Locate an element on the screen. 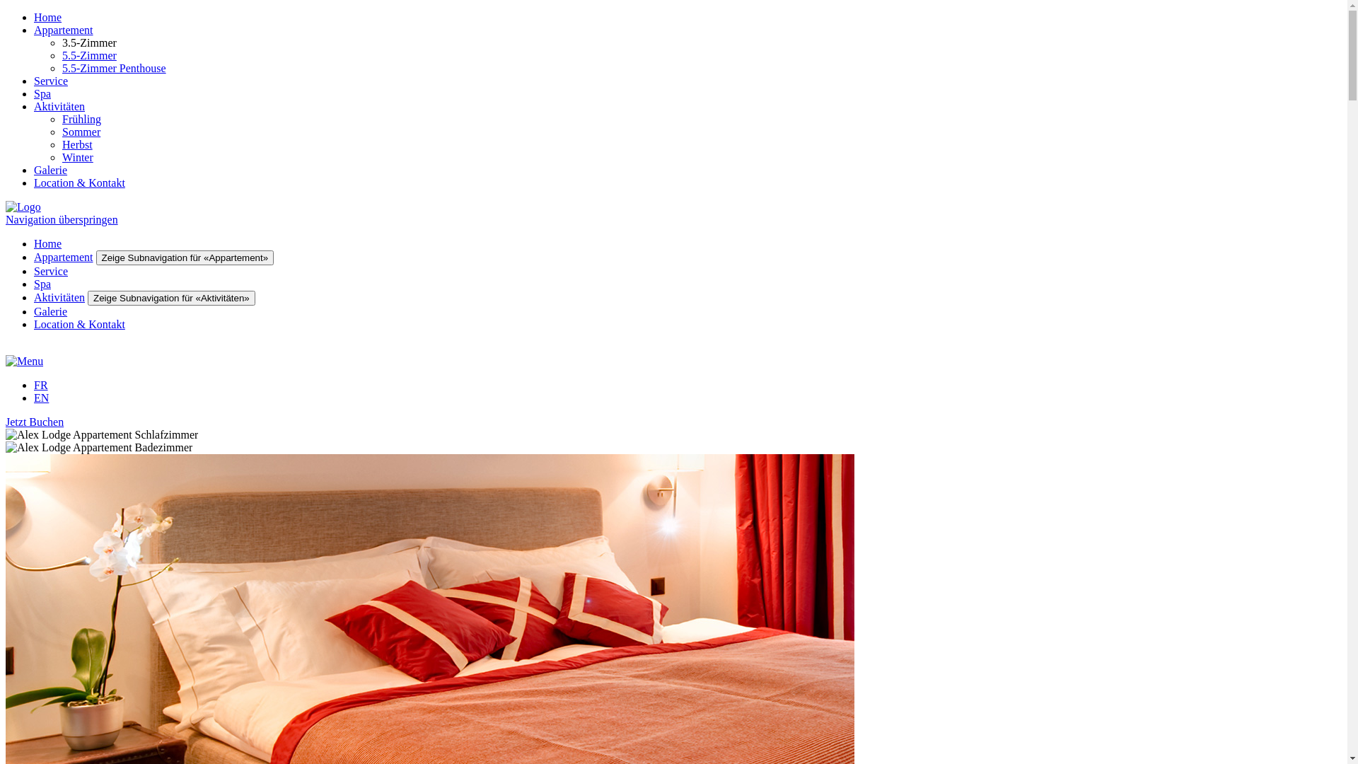 The width and height of the screenshot is (1358, 764). '5.5-Zimmer' is located at coordinates (61, 54).